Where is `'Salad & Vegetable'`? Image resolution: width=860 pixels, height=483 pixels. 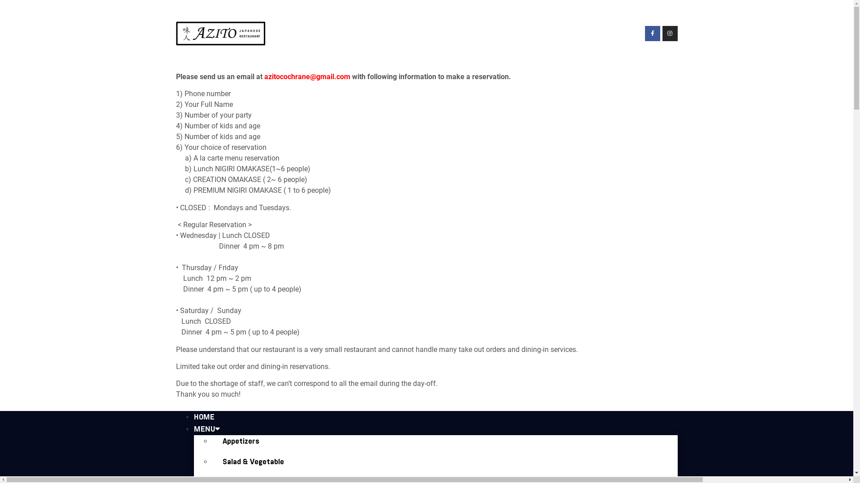
'Salad & Vegetable' is located at coordinates (252, 462).